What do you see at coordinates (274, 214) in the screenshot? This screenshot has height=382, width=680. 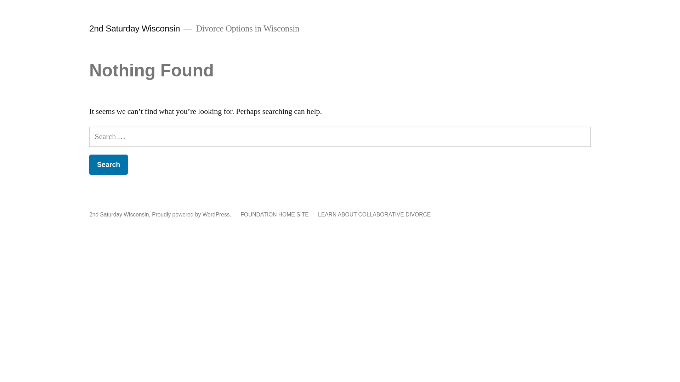 I see `'FOUNDATION HOME SITE'` at bounding box center [274, 214].